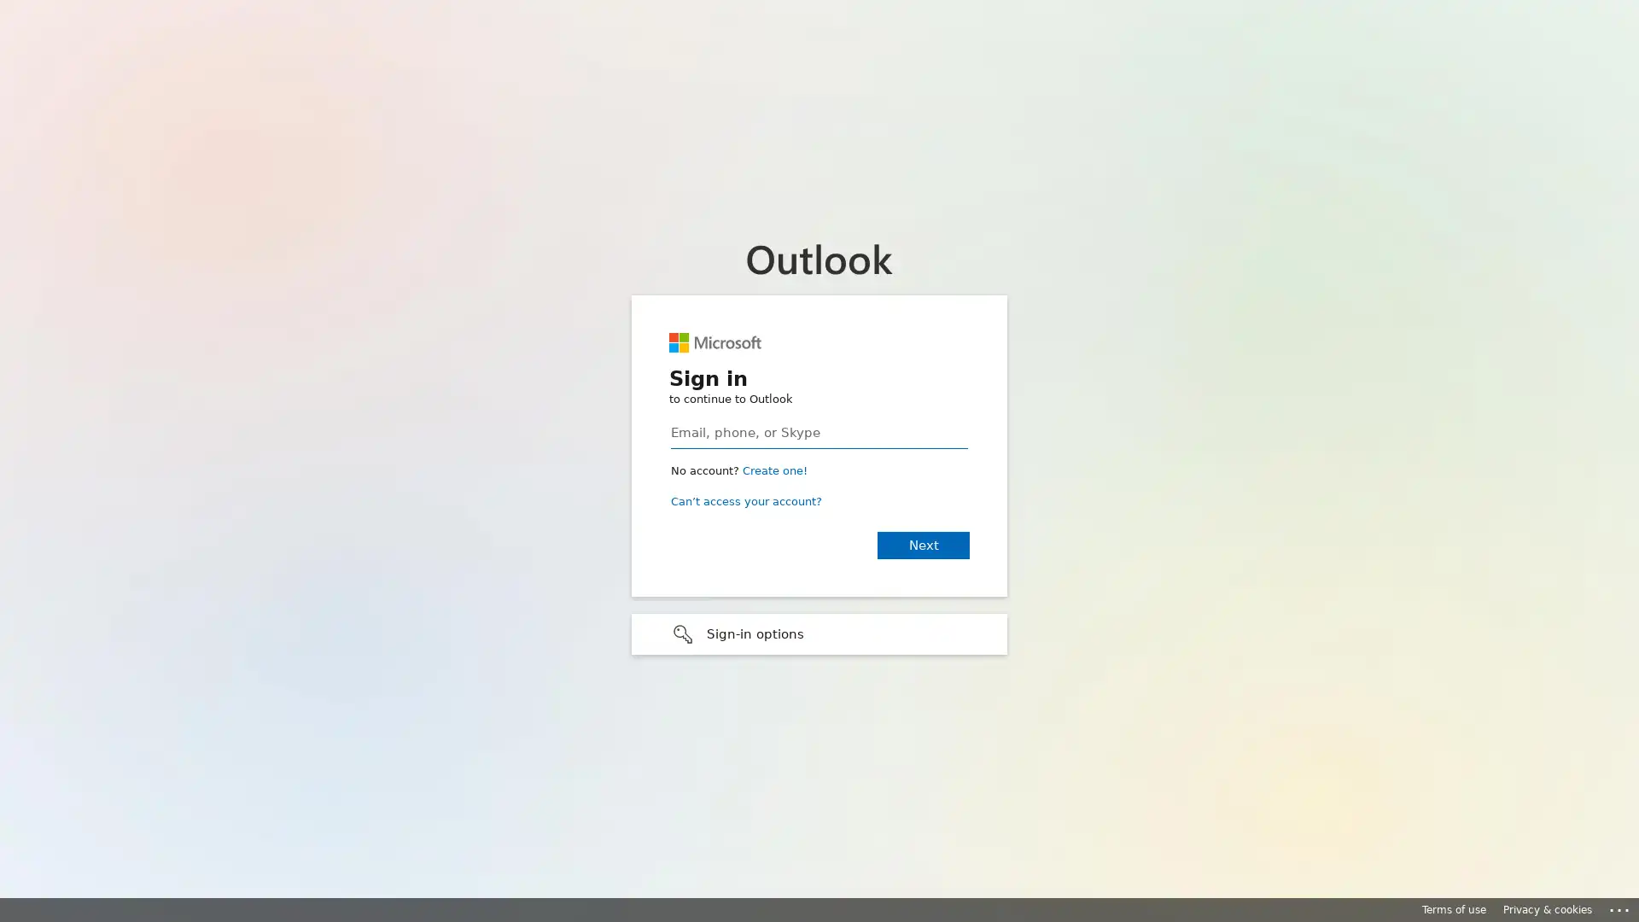 The width and height of the screenshot is (1639, 922). Describe the element at coordinates (922, 544) in the screenshot. I see `Next` at that location.